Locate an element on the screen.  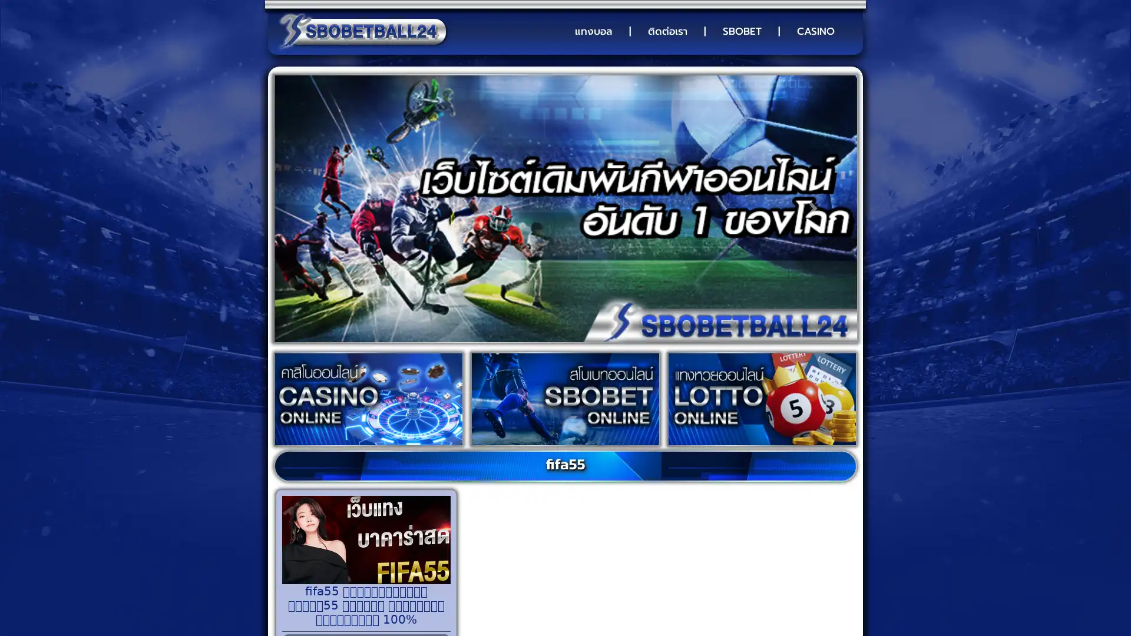
Previous is located at coordinates (317, 208).